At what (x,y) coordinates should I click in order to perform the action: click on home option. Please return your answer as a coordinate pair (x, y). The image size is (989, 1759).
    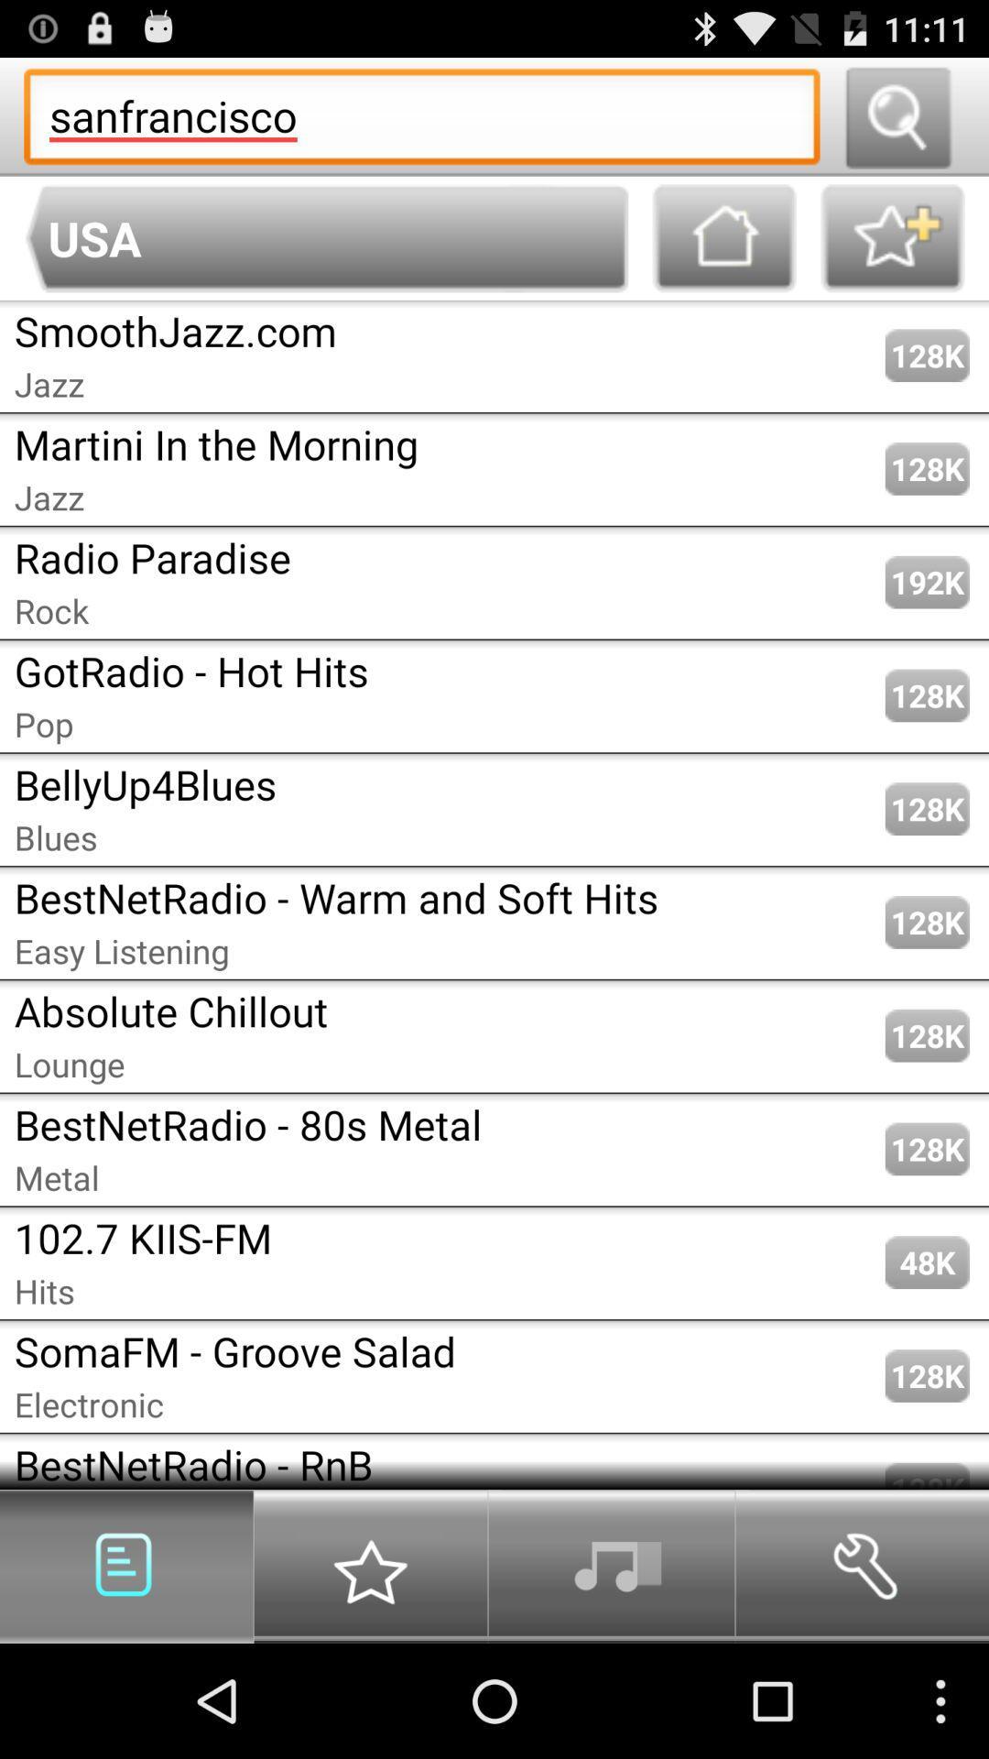
    Looking at the image, I should click on (723, 237).